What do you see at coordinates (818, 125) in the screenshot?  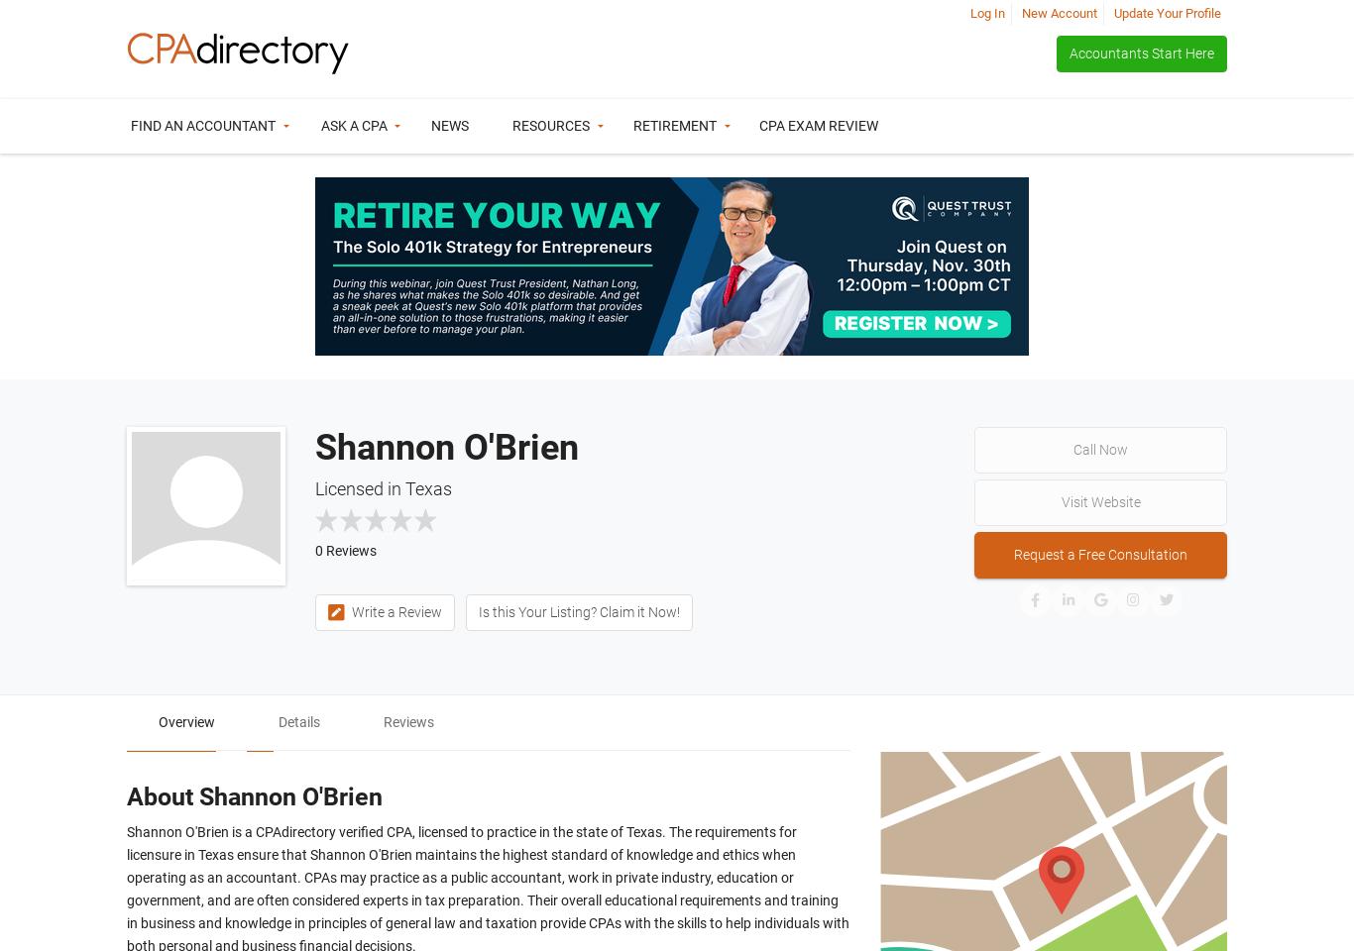 I see `'CPA Exam Review'` at bounding box center [818, 125].